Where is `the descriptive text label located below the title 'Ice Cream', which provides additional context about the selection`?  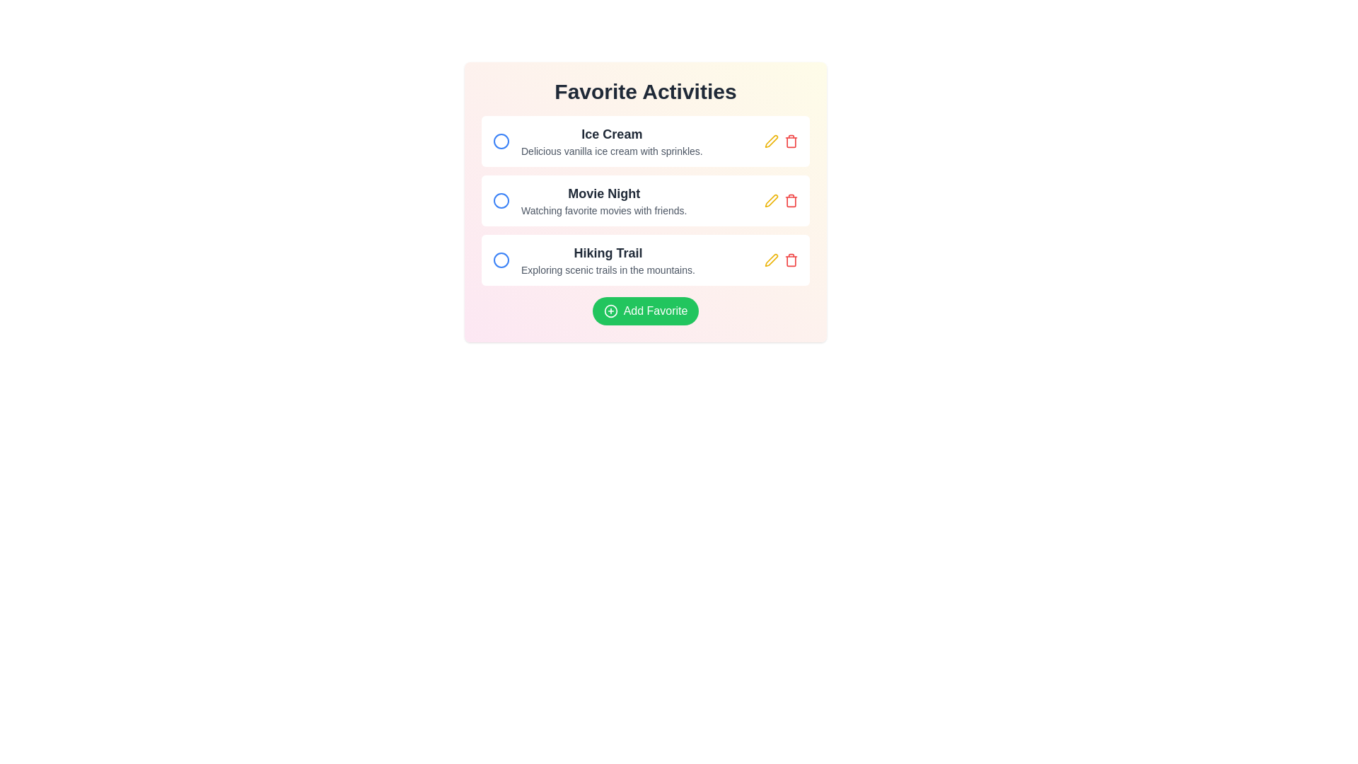
the descriptive text label located below the title 'Ice Cream', which provides additional context about the selection is located at coordinates (612, 151).